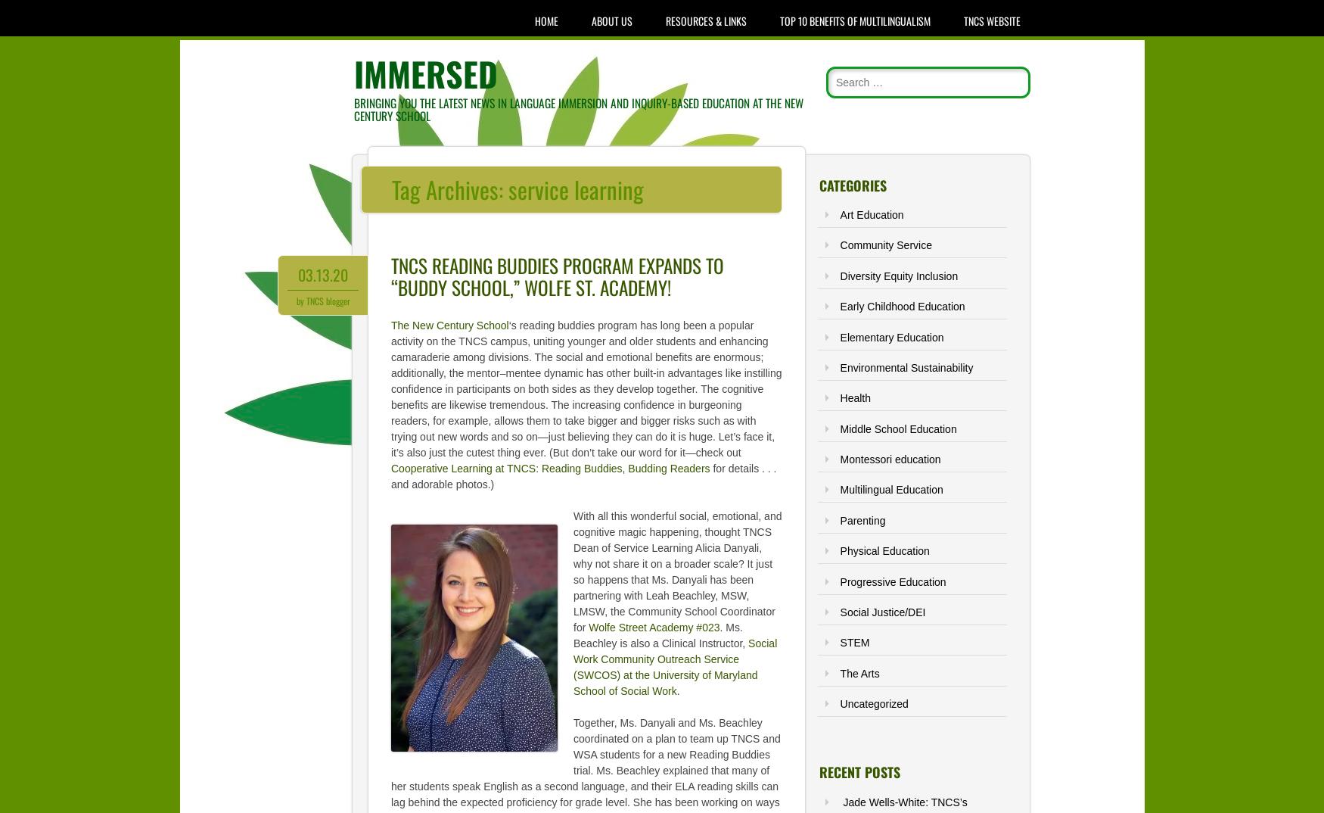 This screenshot has height=813, width=1324. Describe the element at coordinates (881, 612) in the screenshot. I see `'Social Justice/DEI'` at that location.